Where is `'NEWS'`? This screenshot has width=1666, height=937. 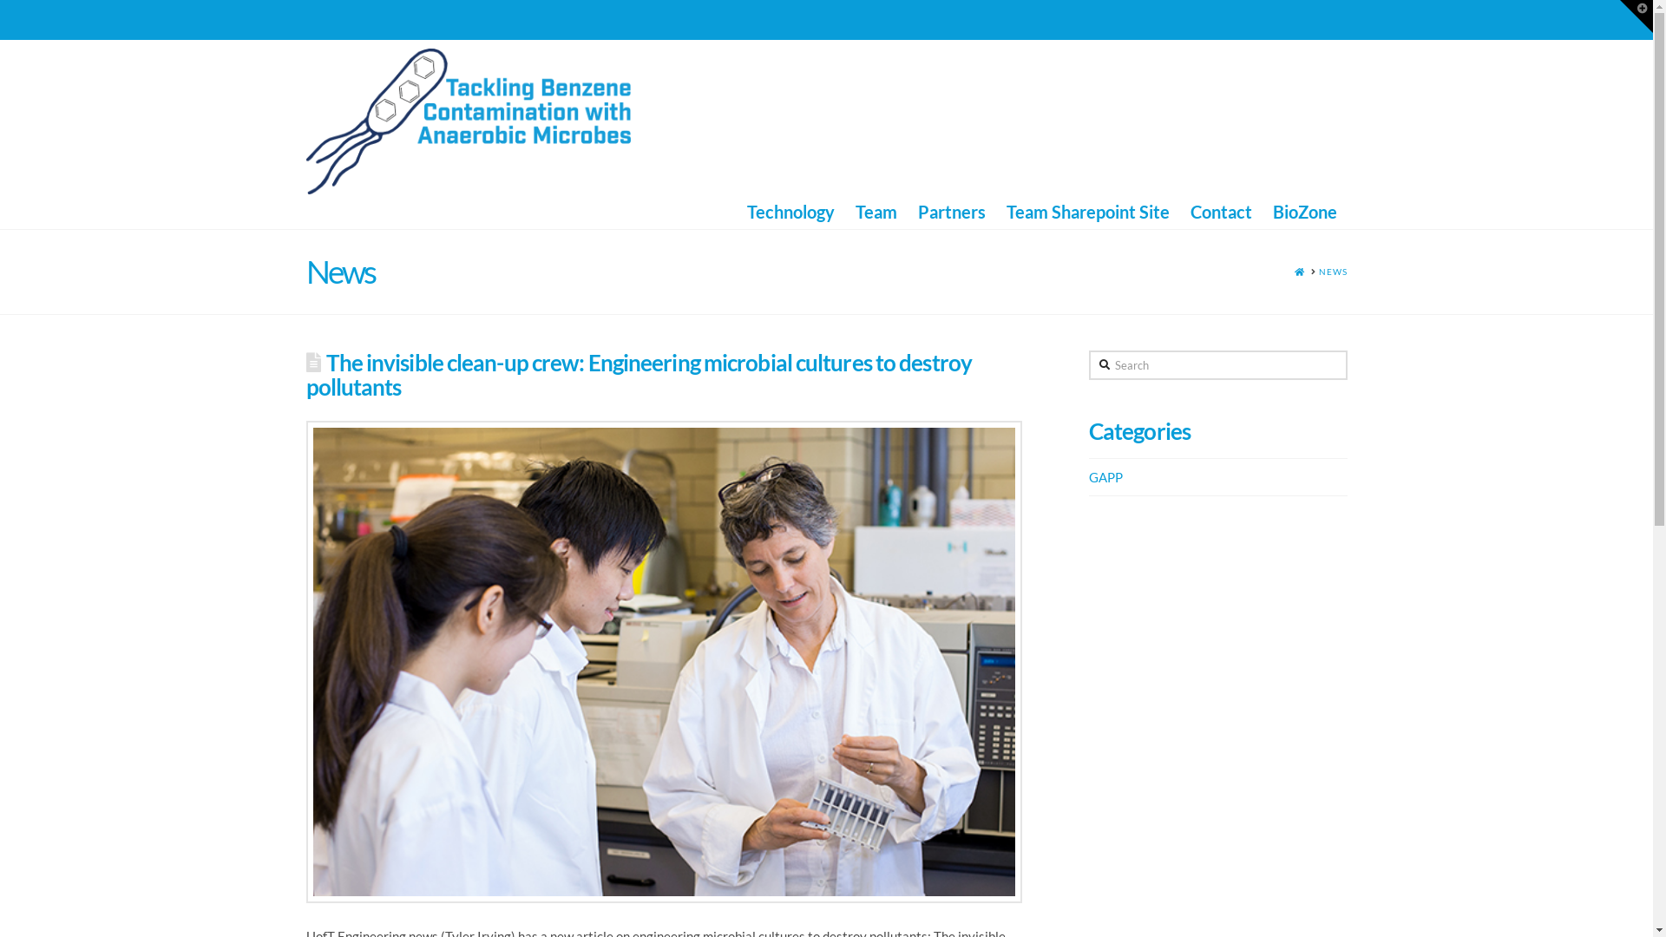
'NEWS' is located at coordinates (1332, 272).